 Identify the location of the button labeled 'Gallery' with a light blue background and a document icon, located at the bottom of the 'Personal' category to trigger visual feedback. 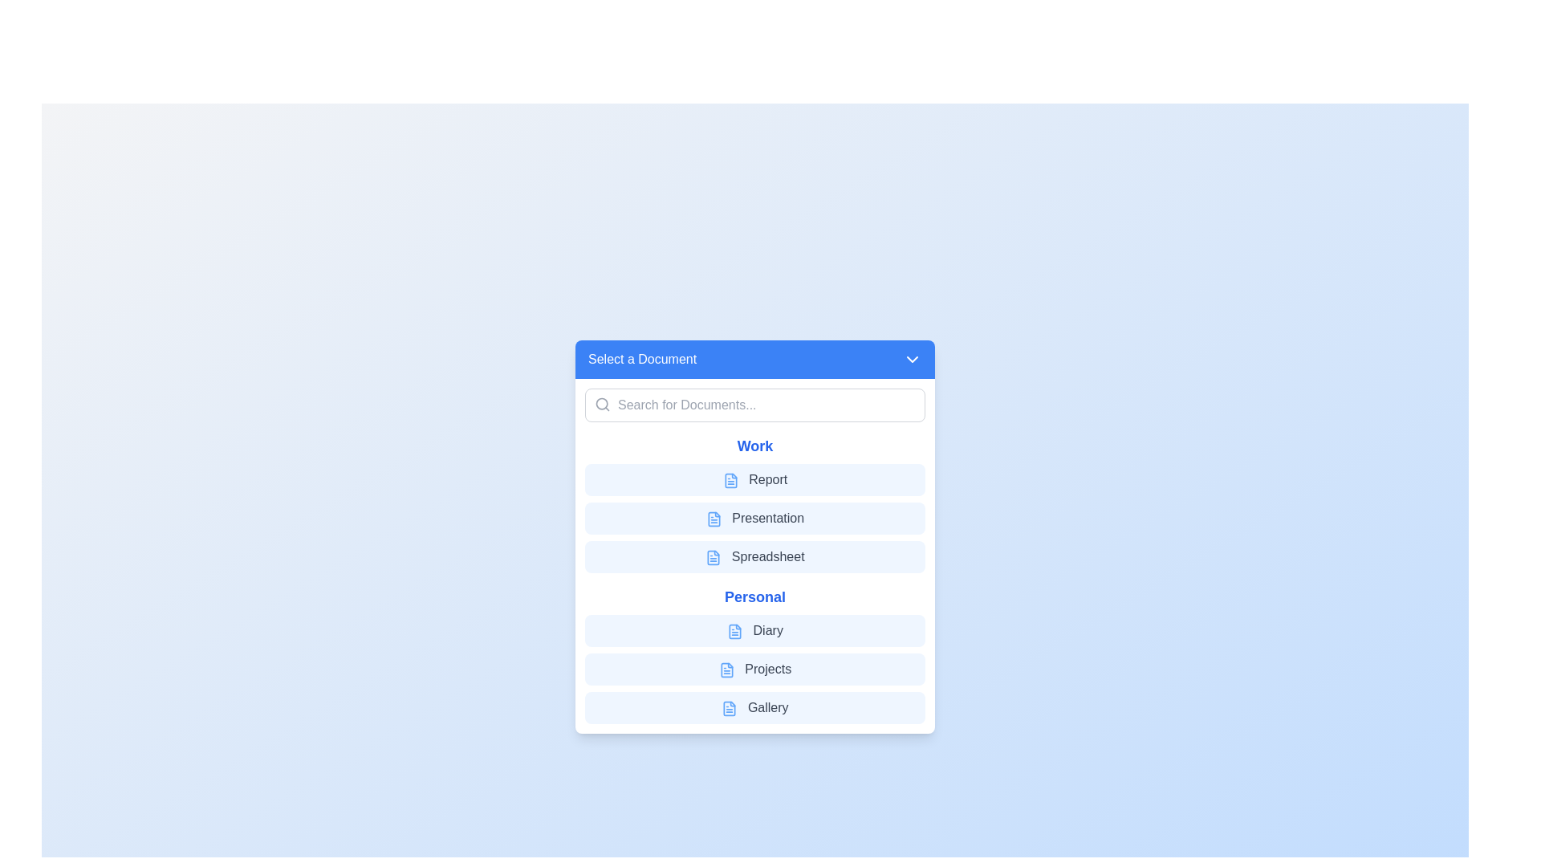
(754, 707).